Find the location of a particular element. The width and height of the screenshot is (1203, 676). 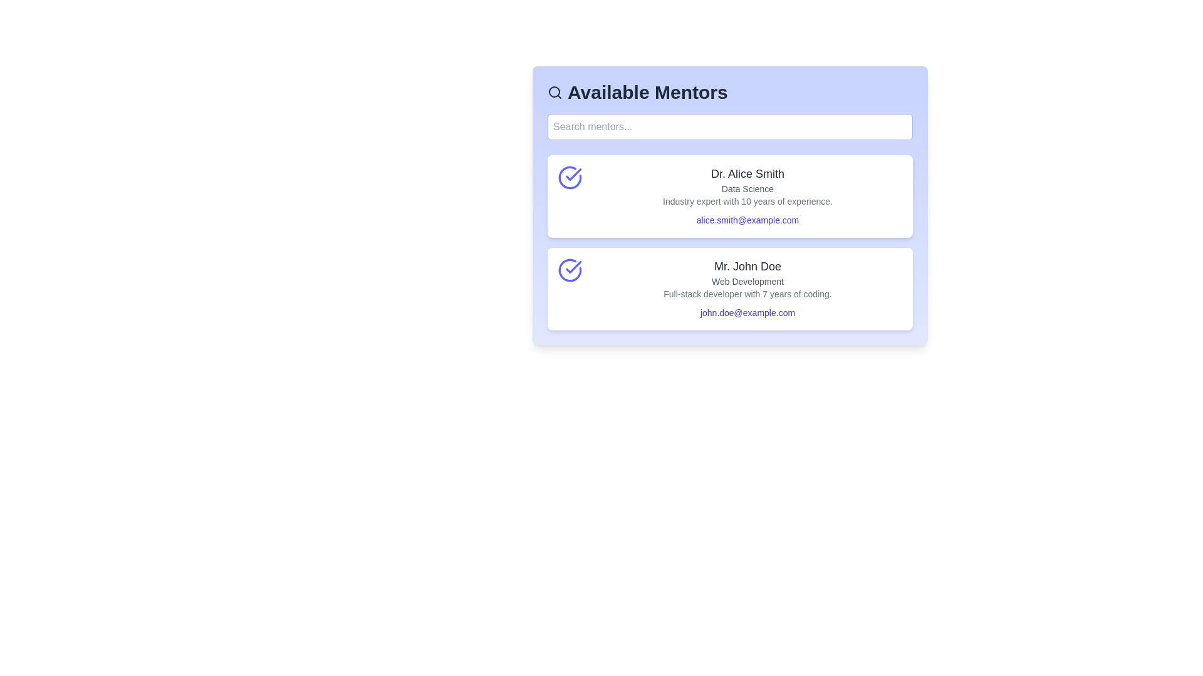

the email link for john.doe@example.com to open the email client is located at coordinates (747, 312).